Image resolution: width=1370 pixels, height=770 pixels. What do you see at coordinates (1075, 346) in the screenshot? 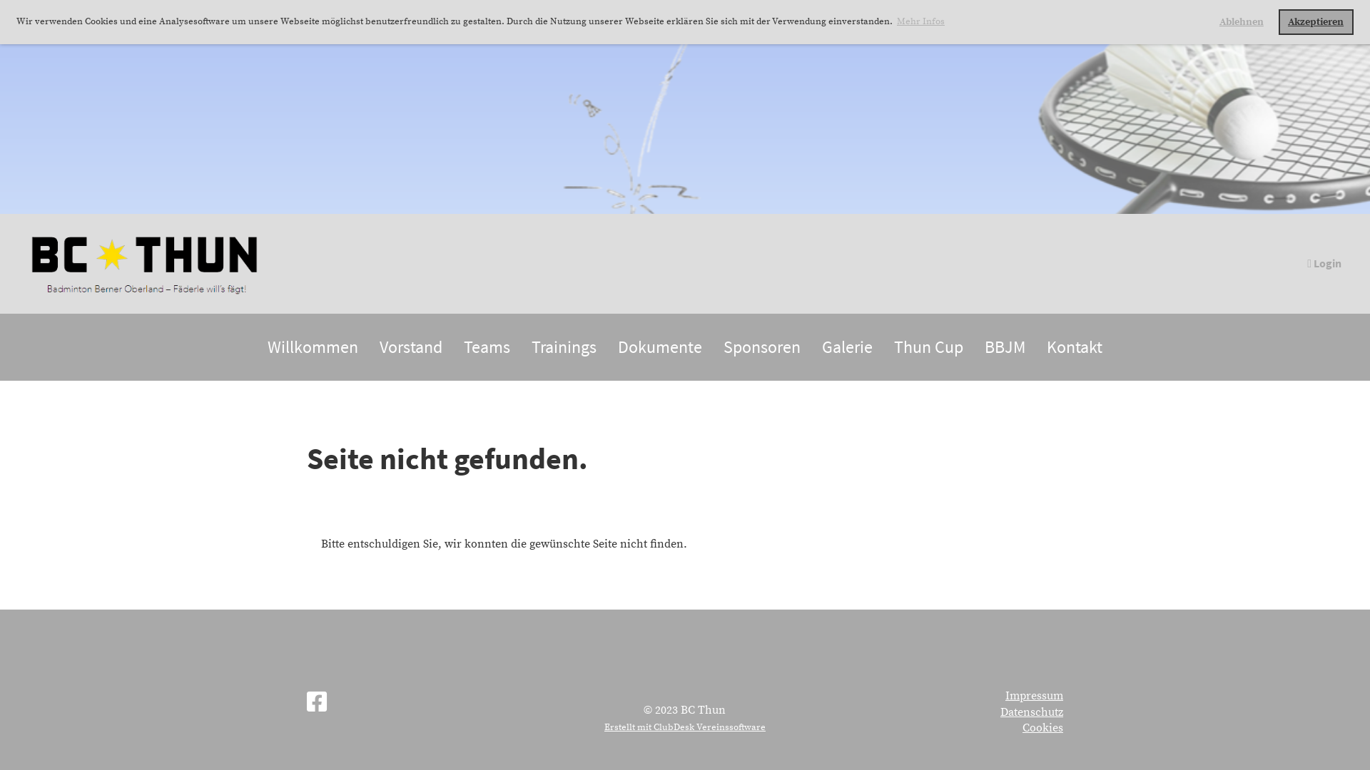
I see `'Kontakt'` at bounding box center [1075, 346].